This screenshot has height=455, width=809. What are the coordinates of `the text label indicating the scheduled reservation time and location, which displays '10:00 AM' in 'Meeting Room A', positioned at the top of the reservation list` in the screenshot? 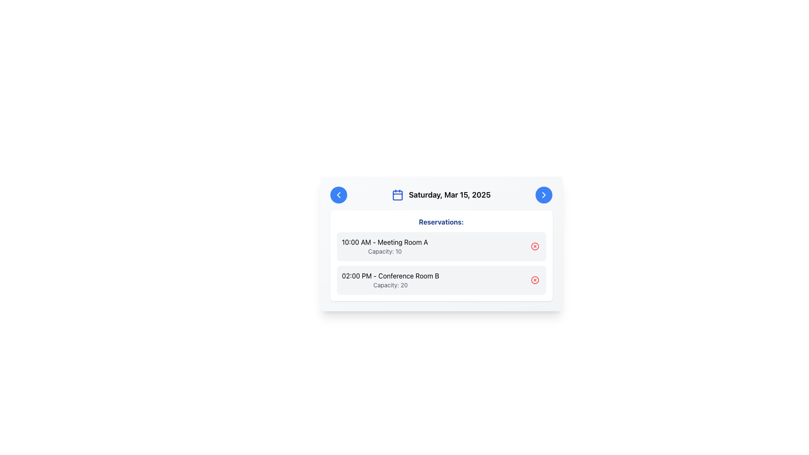 It's located at (384, 242).